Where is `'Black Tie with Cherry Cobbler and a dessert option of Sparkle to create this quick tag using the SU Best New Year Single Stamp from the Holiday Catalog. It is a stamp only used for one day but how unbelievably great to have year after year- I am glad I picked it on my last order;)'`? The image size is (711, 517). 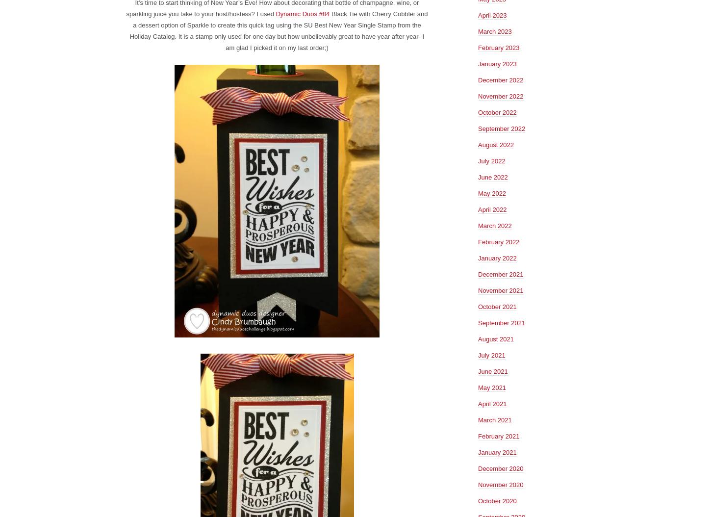
'Black Tie with Cherry Cobbler and a dessert option of Sparkle to create this quick tag using the SU Best New Year Single Stamp from the Holiday Catalog. It is a stamp only used for one day but how unbelievably great to have year after year- I am glad I picked it on my last order;)' is located at coordinates (278, 30).